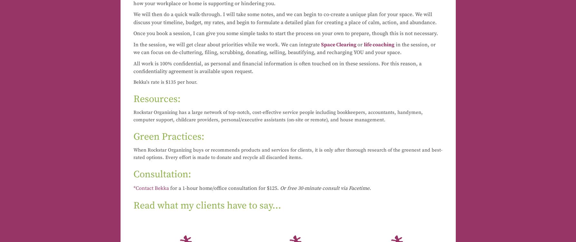  I want to click on 'Or free 30-minute consult via Facetime.', so click(325, 188).